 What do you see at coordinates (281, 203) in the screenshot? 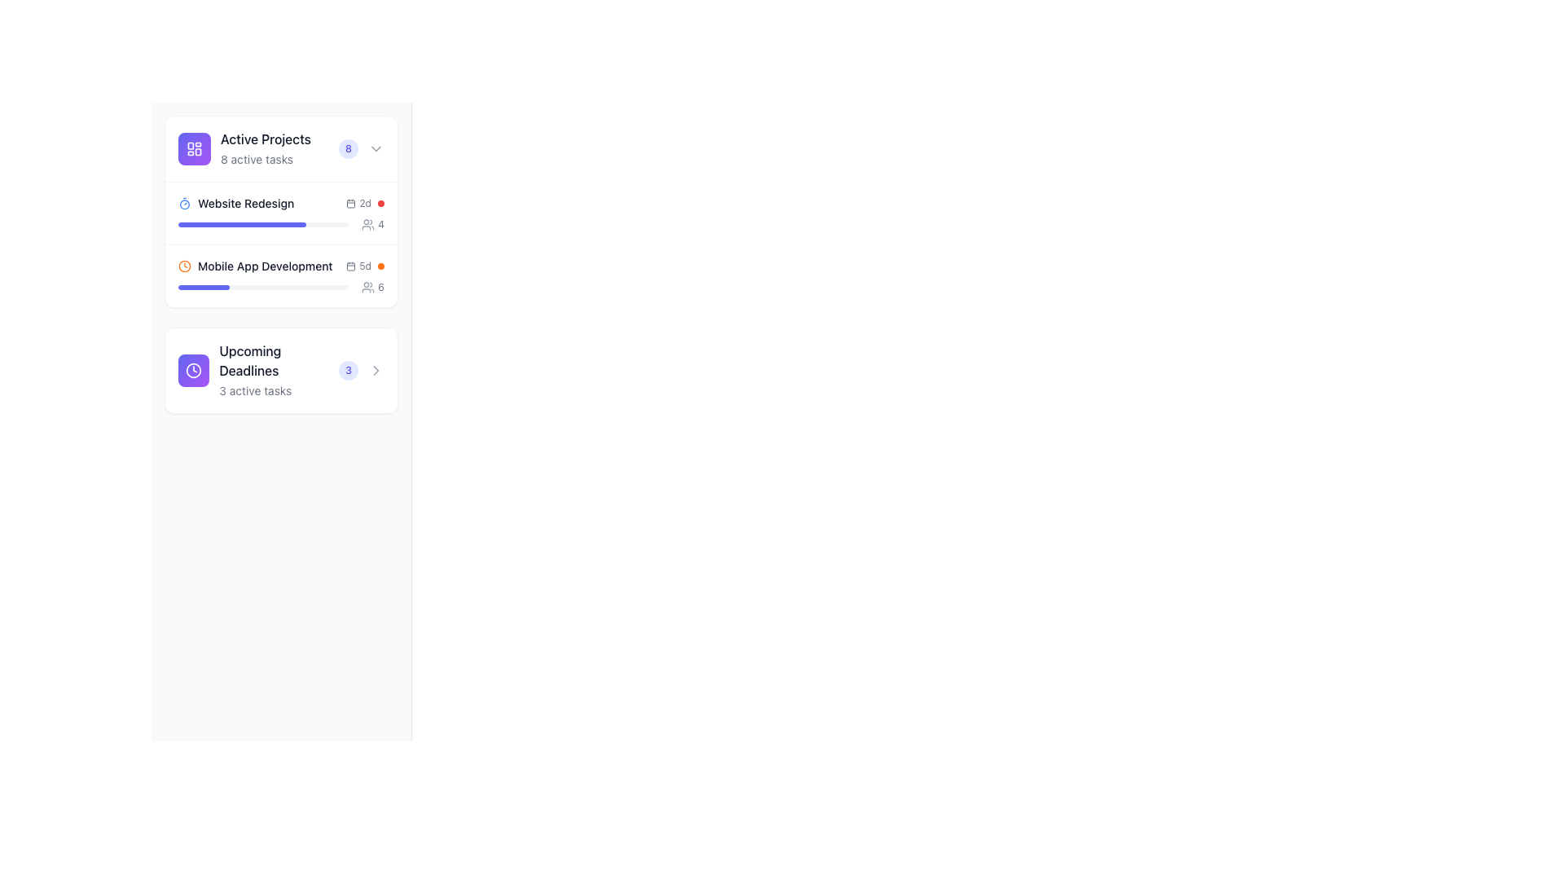
I see `the 'Website Redesign' task element, which features the text 'Website Redesign' and a small calendar icon indicating '2d', located under 'Active Projects'` at bounding box center [281, 203].